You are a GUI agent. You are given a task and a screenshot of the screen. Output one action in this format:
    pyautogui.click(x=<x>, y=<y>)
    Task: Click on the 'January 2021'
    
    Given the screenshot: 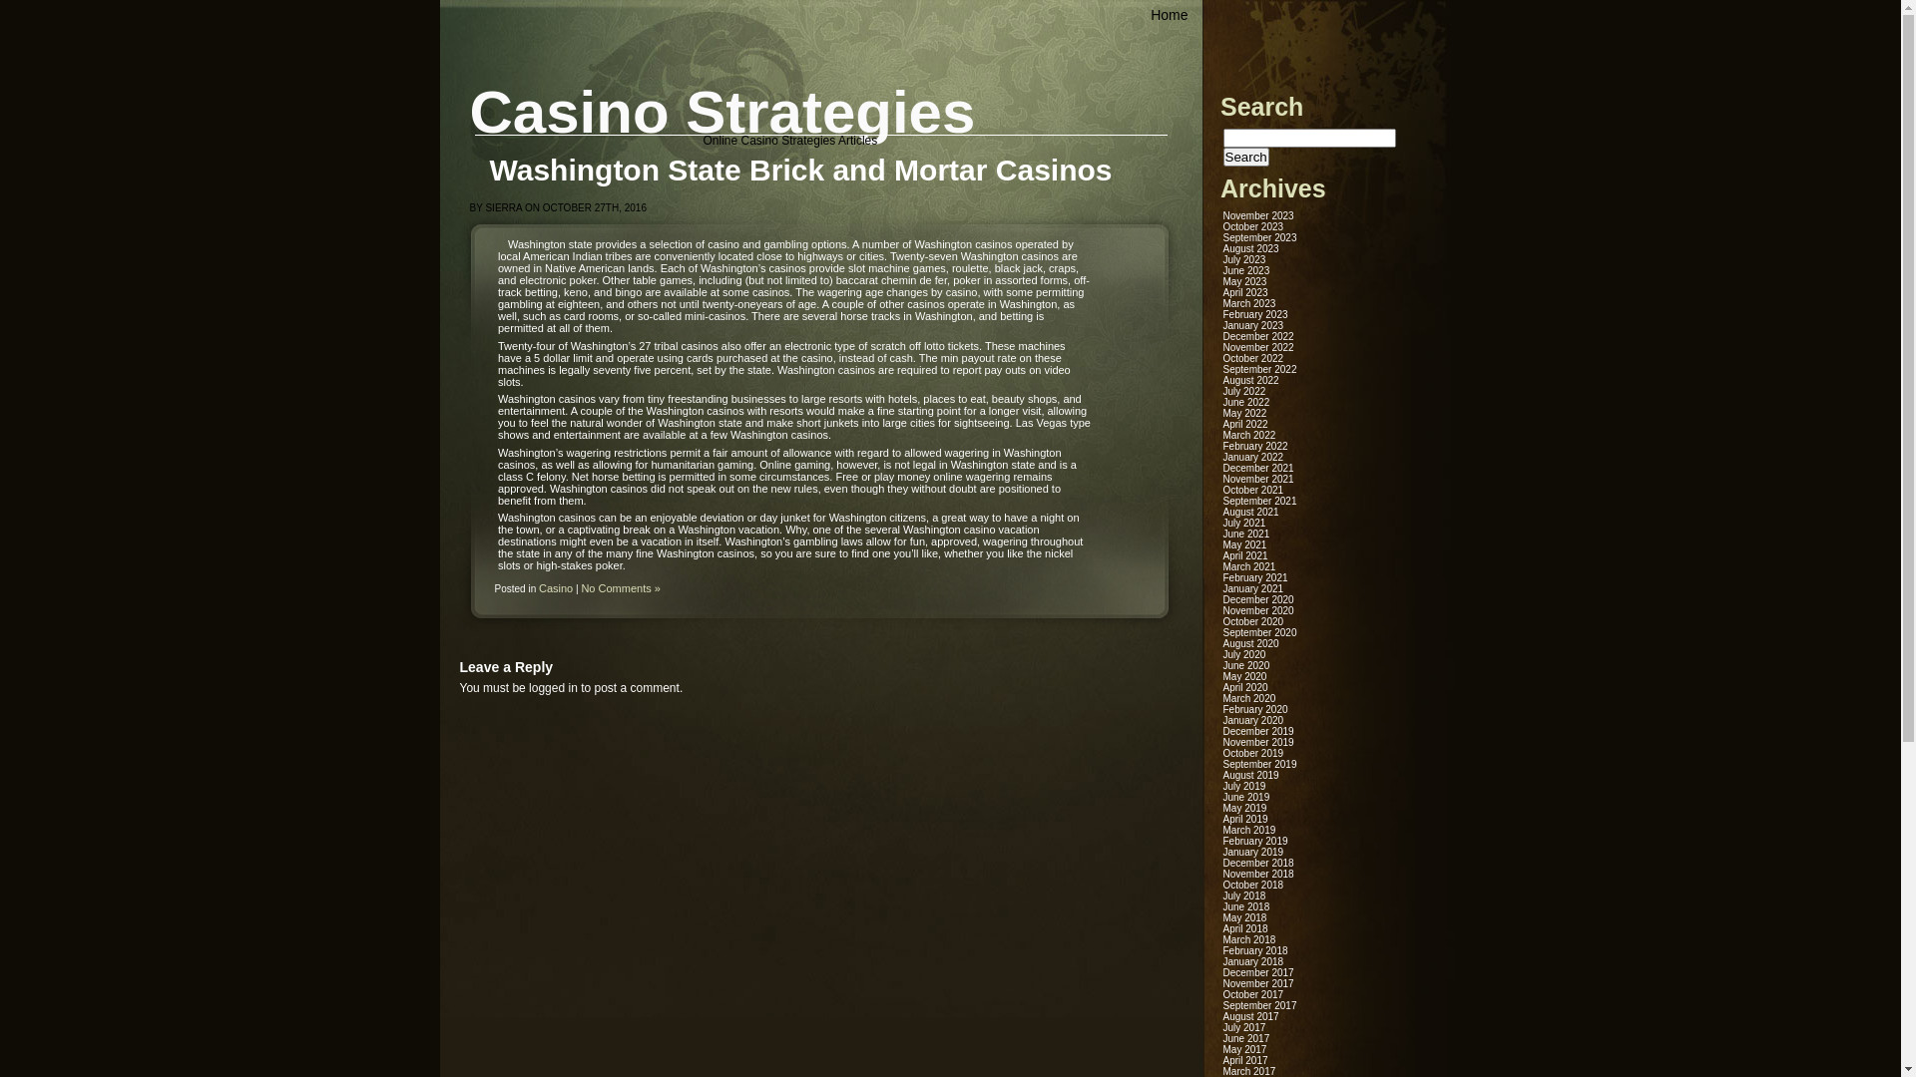 What is the action you would take?
    pyautogui.click(x=1252, y=587)
    